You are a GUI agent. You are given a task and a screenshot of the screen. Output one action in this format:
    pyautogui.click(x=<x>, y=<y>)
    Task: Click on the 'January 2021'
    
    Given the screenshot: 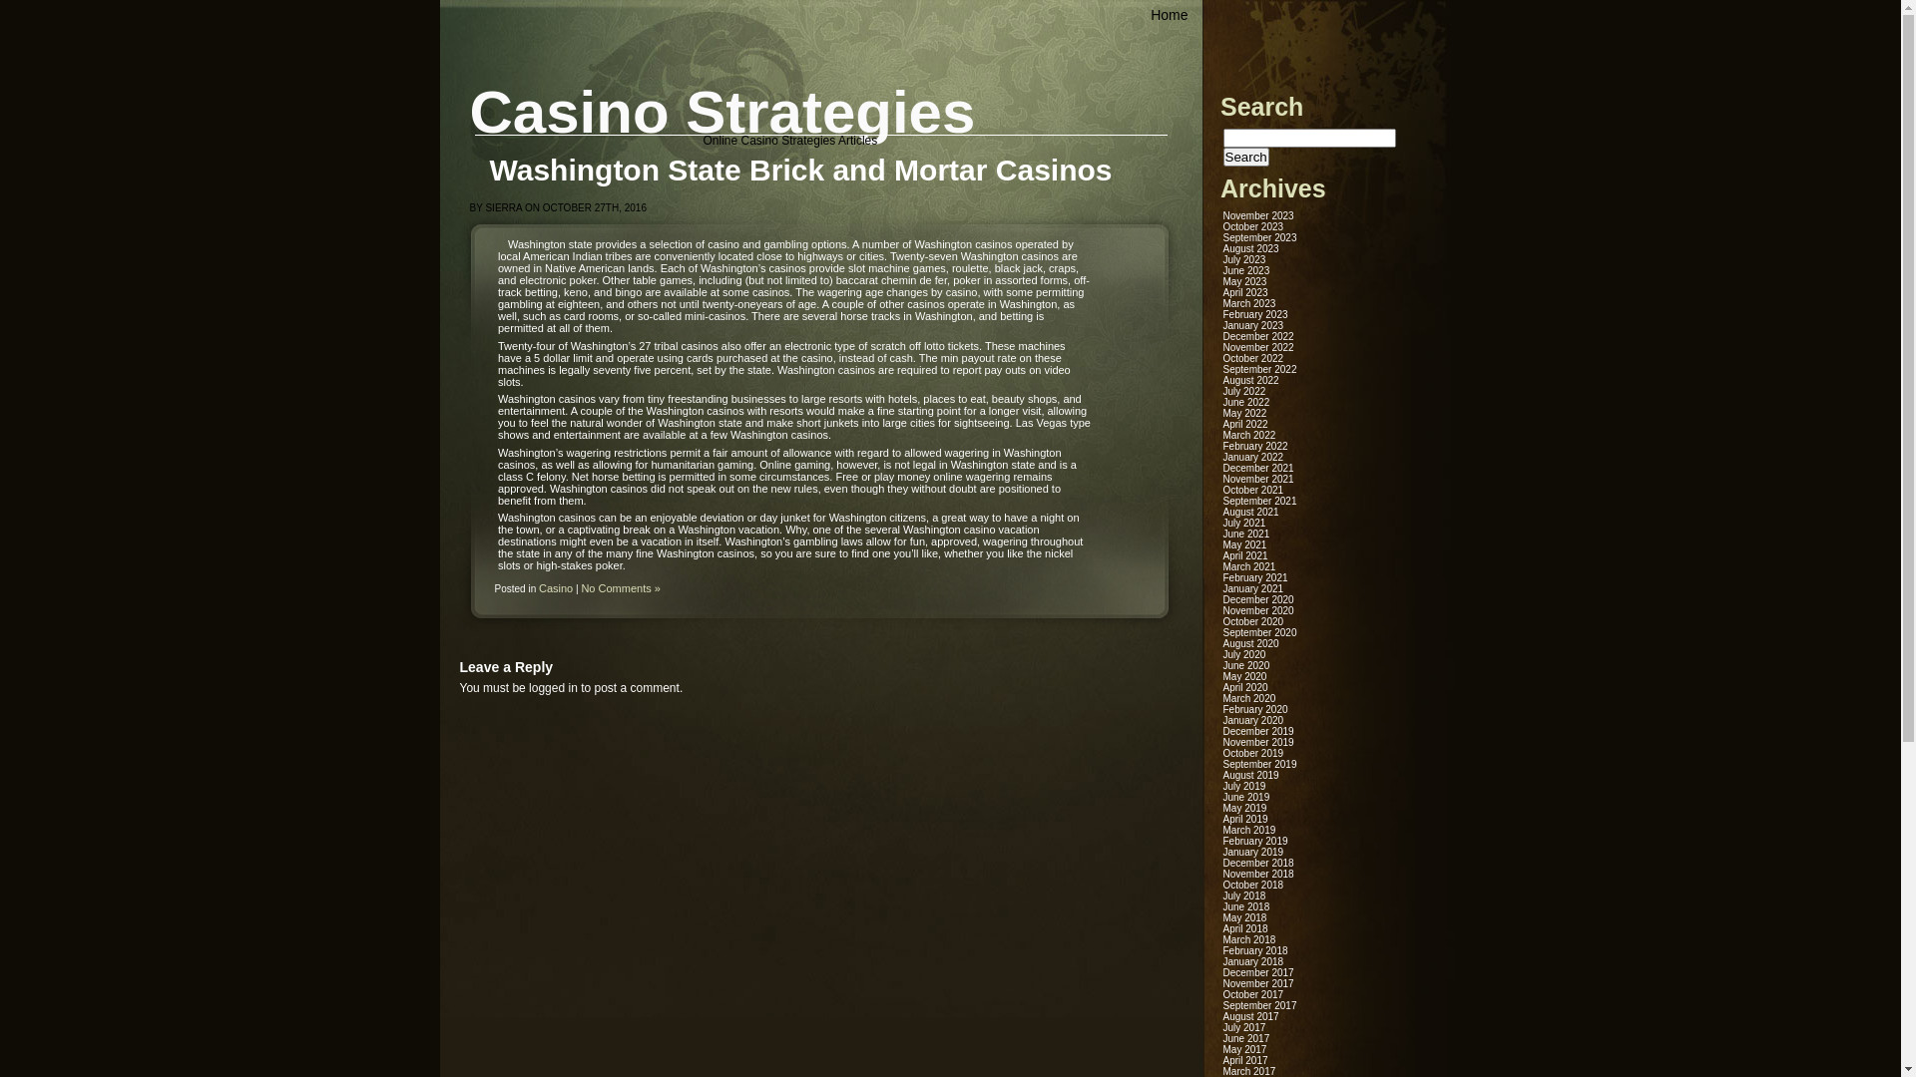 What is the action you would take?
    pyautogui.click(x=1252, y=587)
    